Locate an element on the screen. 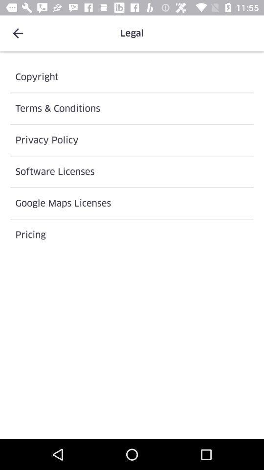 This screenshot has height=470, width=264. copyright icon is located at coordinates (132, 76).